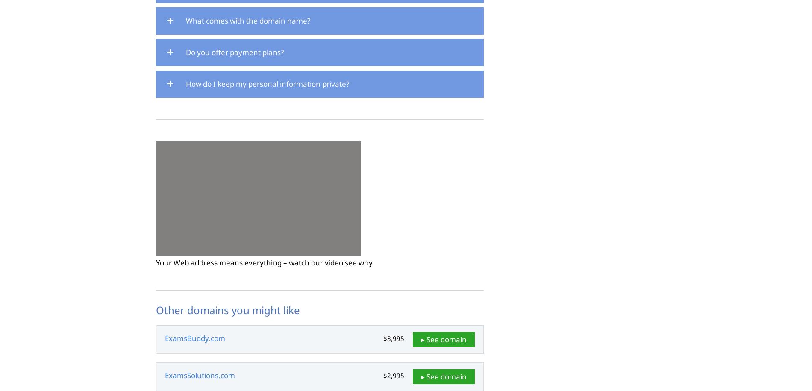  What do you see at coordinates (393, 375) in the screenshot?
I see `'$2,995'` at bounding box center [393, 375].